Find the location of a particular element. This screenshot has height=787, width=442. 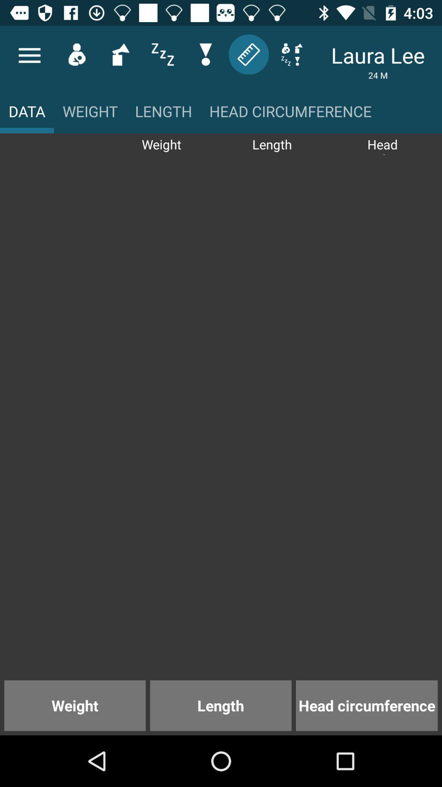

the menu icon is located at coordinates (29, 55).